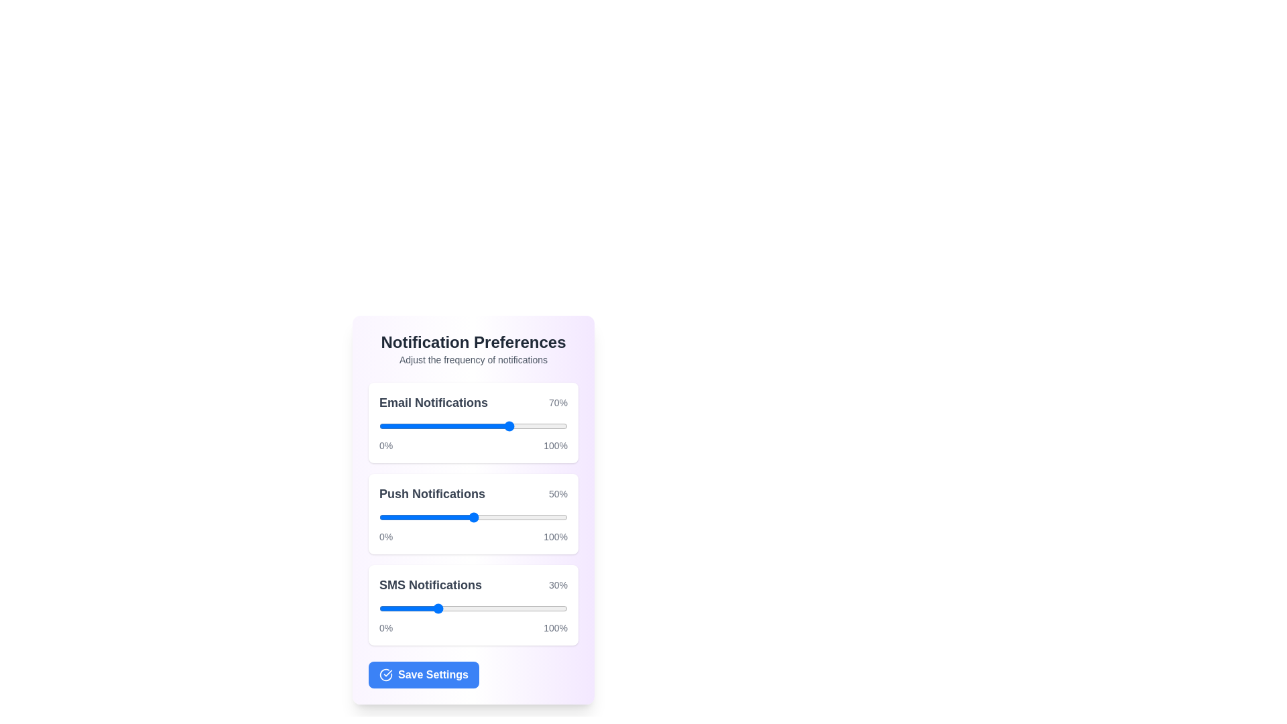  I want to click on the SMS Notifications slider, so click(393, 608).